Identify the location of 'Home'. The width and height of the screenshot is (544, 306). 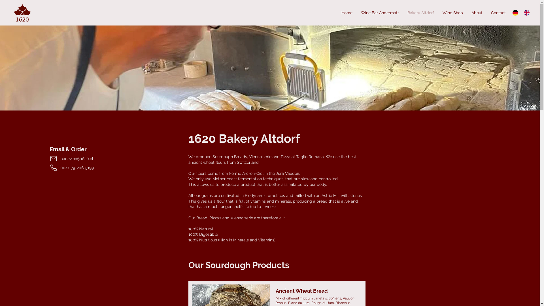
(347, 13).